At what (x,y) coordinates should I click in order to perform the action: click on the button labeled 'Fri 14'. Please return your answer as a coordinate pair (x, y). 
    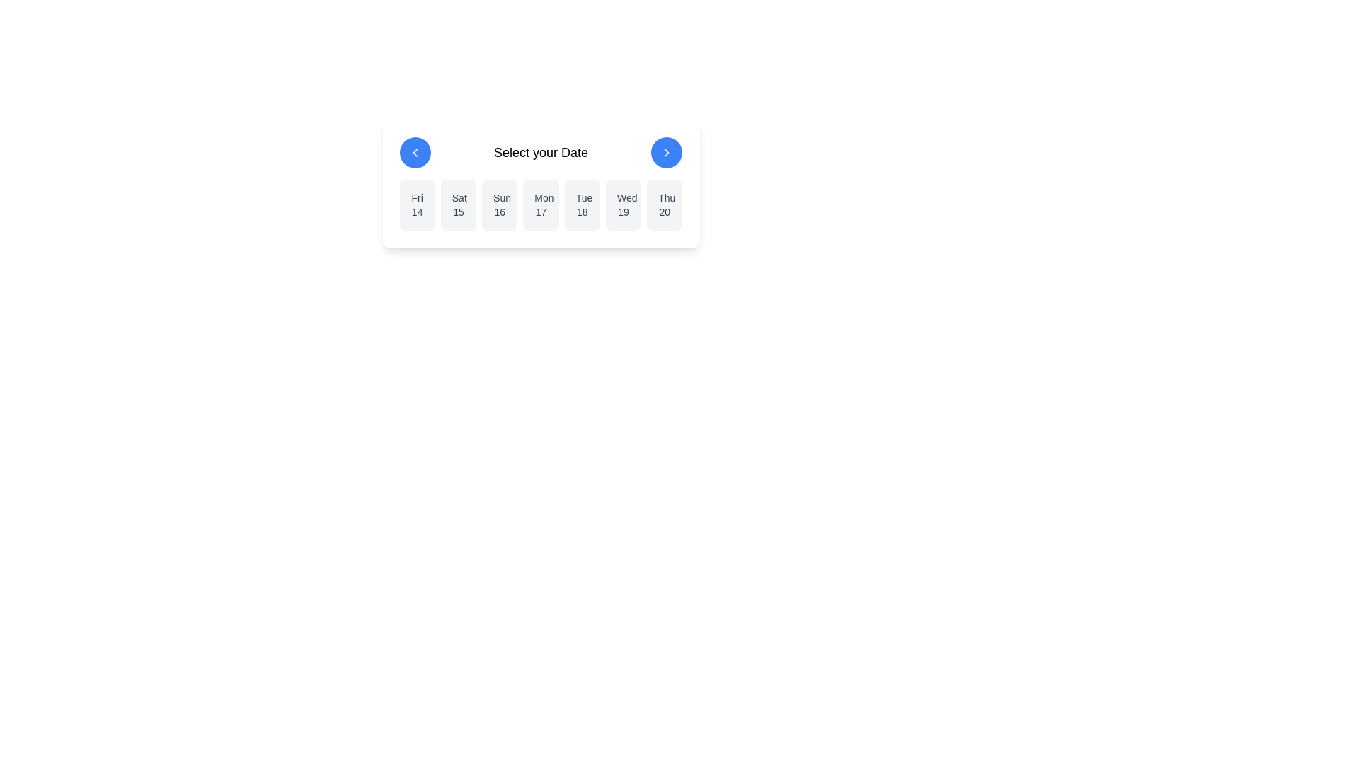
    Looking at the image, I should click on (416, 204).